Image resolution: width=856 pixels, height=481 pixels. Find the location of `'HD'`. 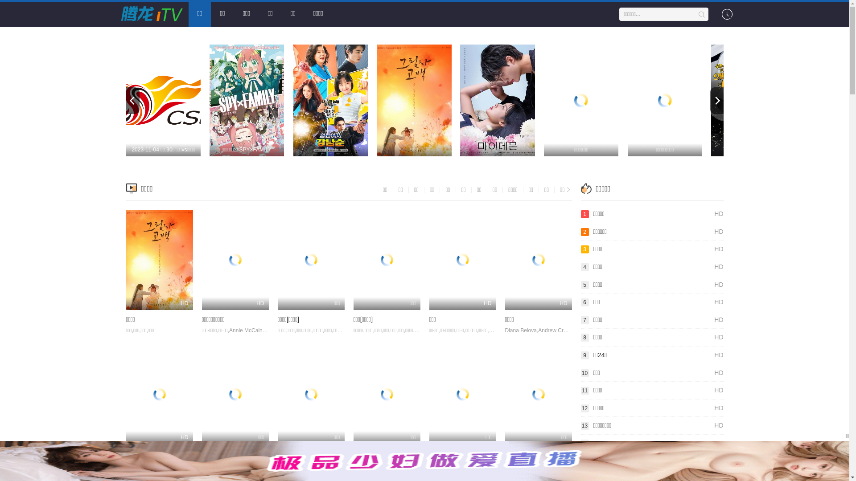

'HD' is located at coordinates (159, 260).